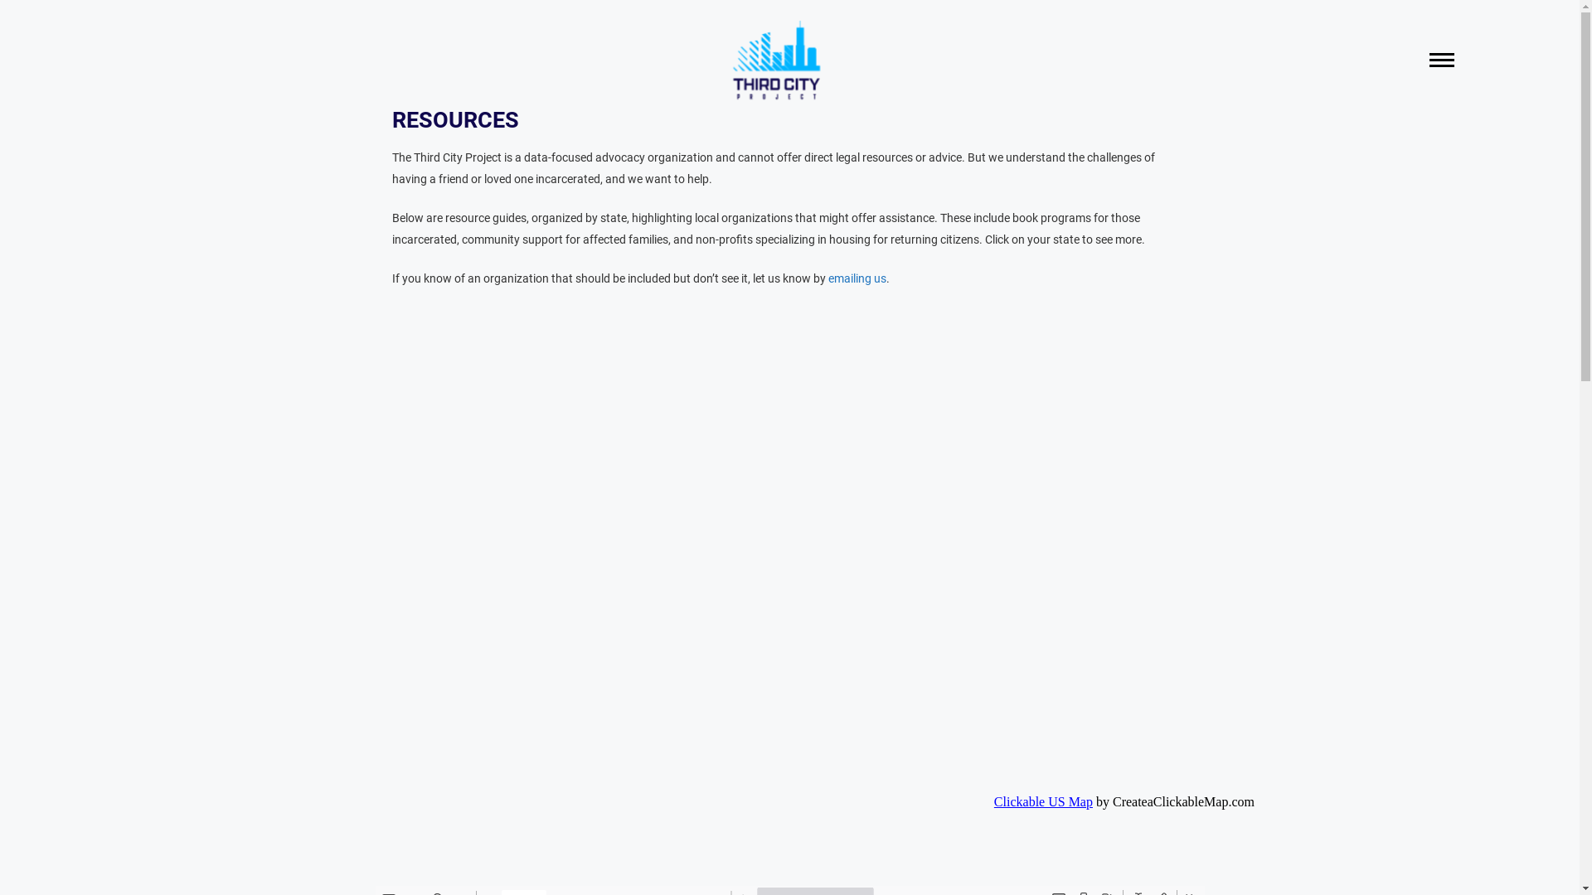 The image size is (1592, 895). What do you see at coordinates (856, 277) in the screenshot?
I see `'emailing us'` at bounding box center [856, 277].